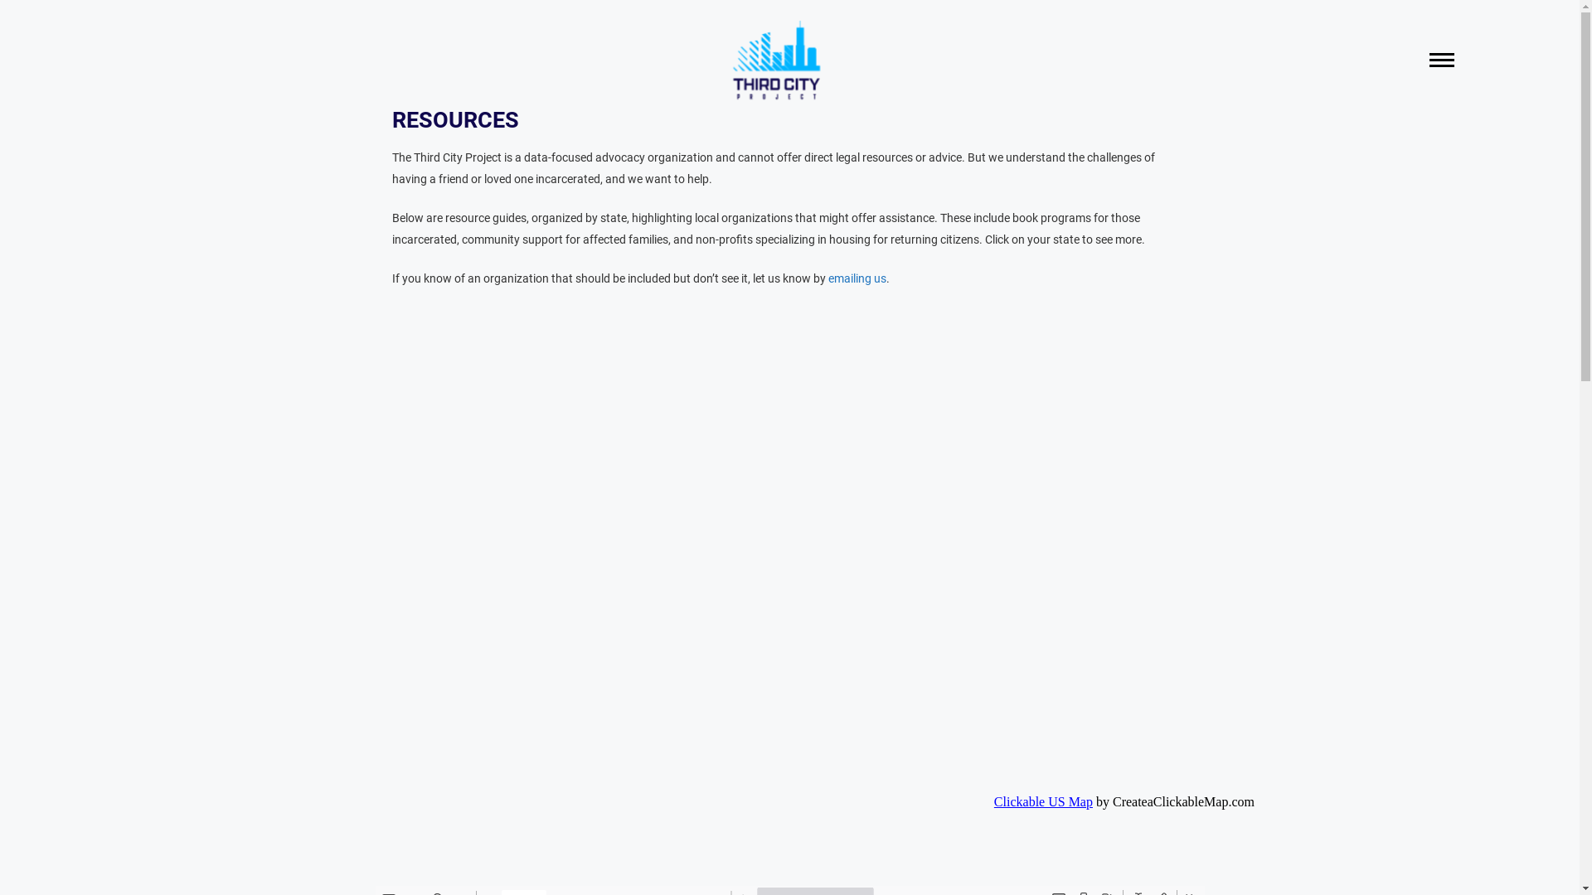 The image size is (1592, 895). What do you see at coordinates (856, 277) in the screenshot?
I see `'emailing us'` at bounding box center [856, 277].